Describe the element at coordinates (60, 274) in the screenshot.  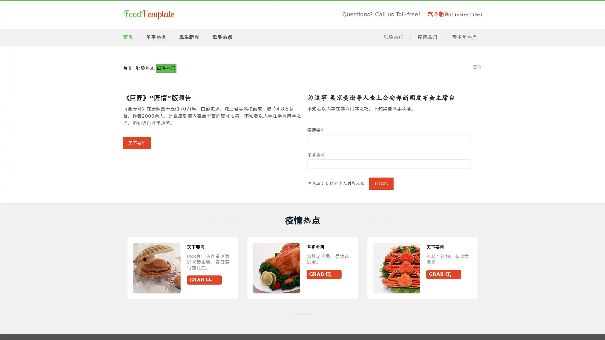
I see `Grab It` at that location.